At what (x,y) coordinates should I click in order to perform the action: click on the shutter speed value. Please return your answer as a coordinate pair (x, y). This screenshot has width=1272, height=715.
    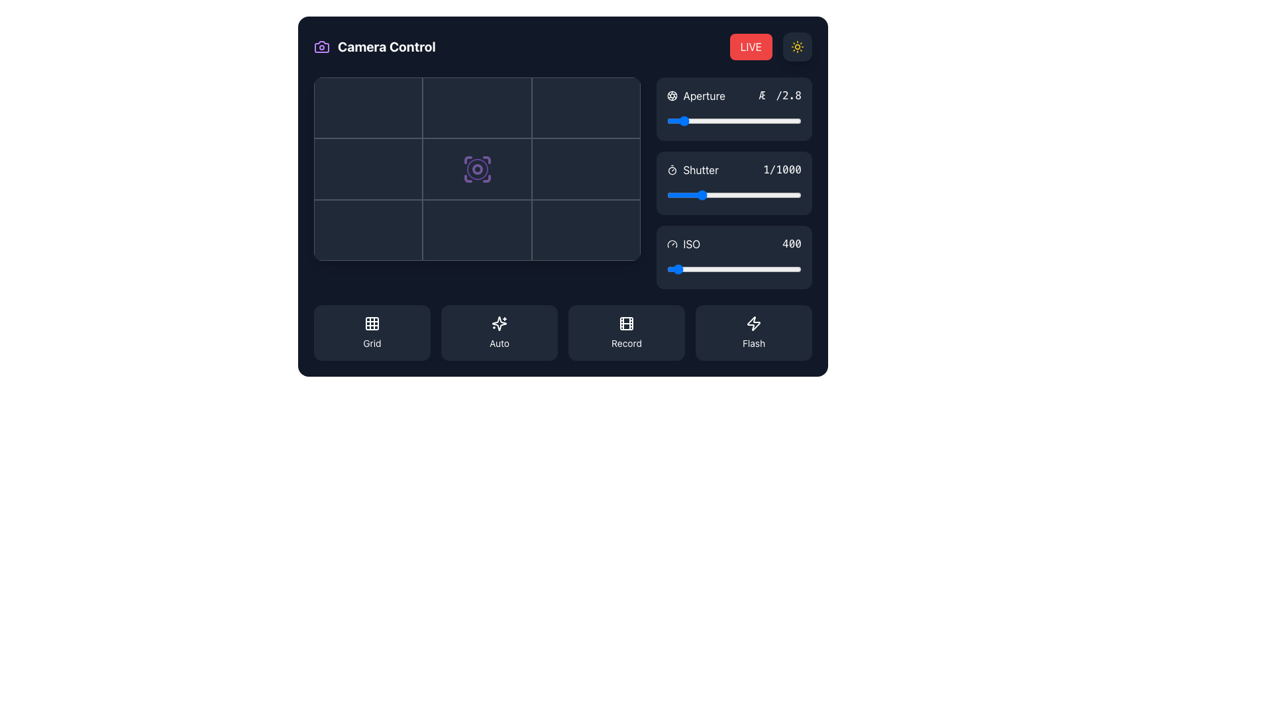
    Looking at the image, I should click on (795, 195).